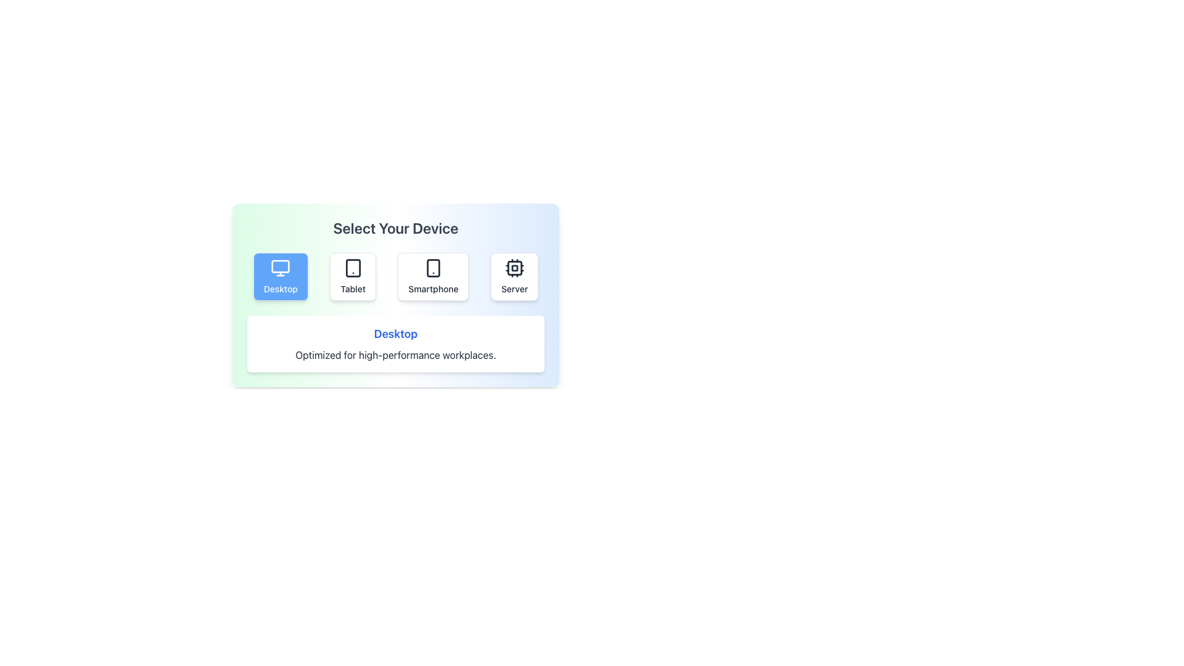  What do you see at coordinates (280, 266) in the screenshot?
I see `the decorative rectangle located within the monitor icon on the 'Desktop' selection card` at bounding box center [280, 266].